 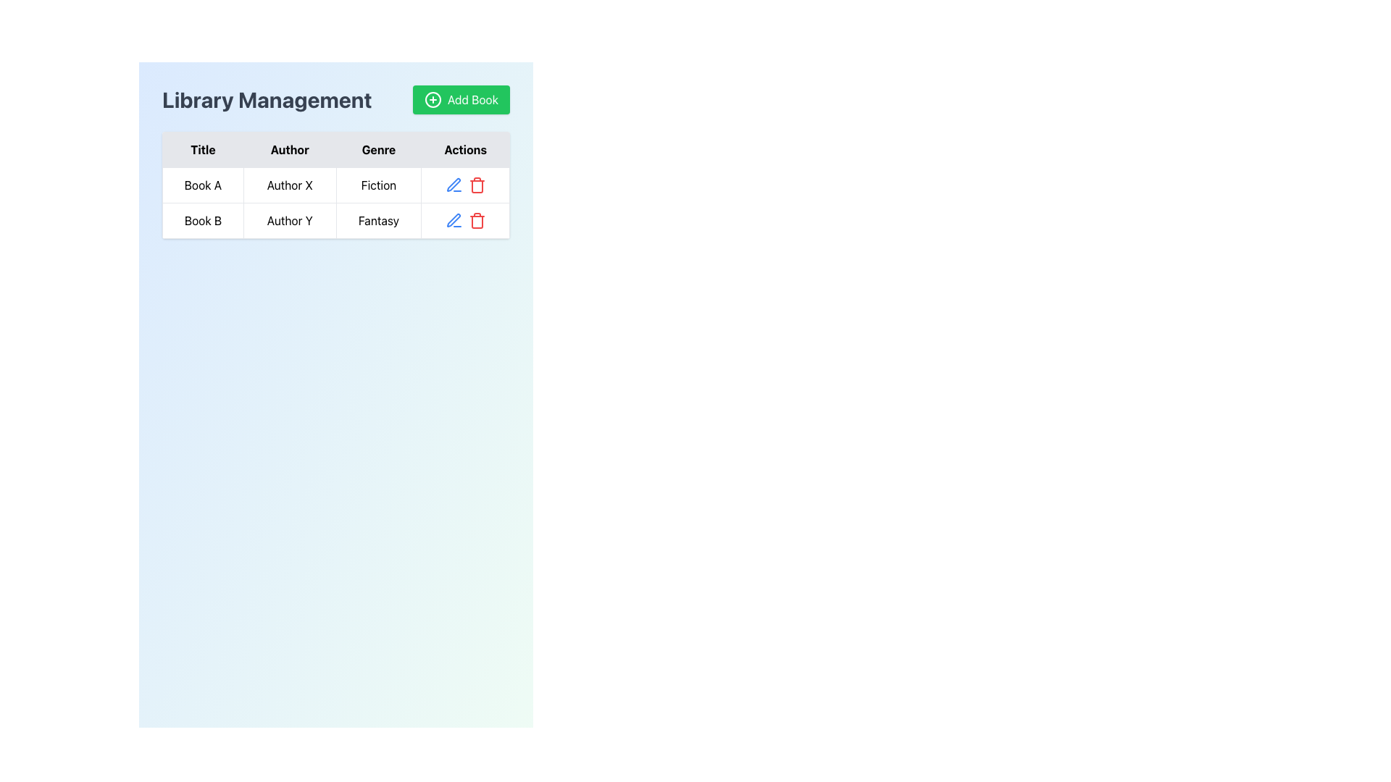 What do you see at coordinates (465, 150) in the screenshot?
I see `the fourth column header in the table, which is a static text label indicating actions for the data rows beneath it` at bounding box center [465, 150].